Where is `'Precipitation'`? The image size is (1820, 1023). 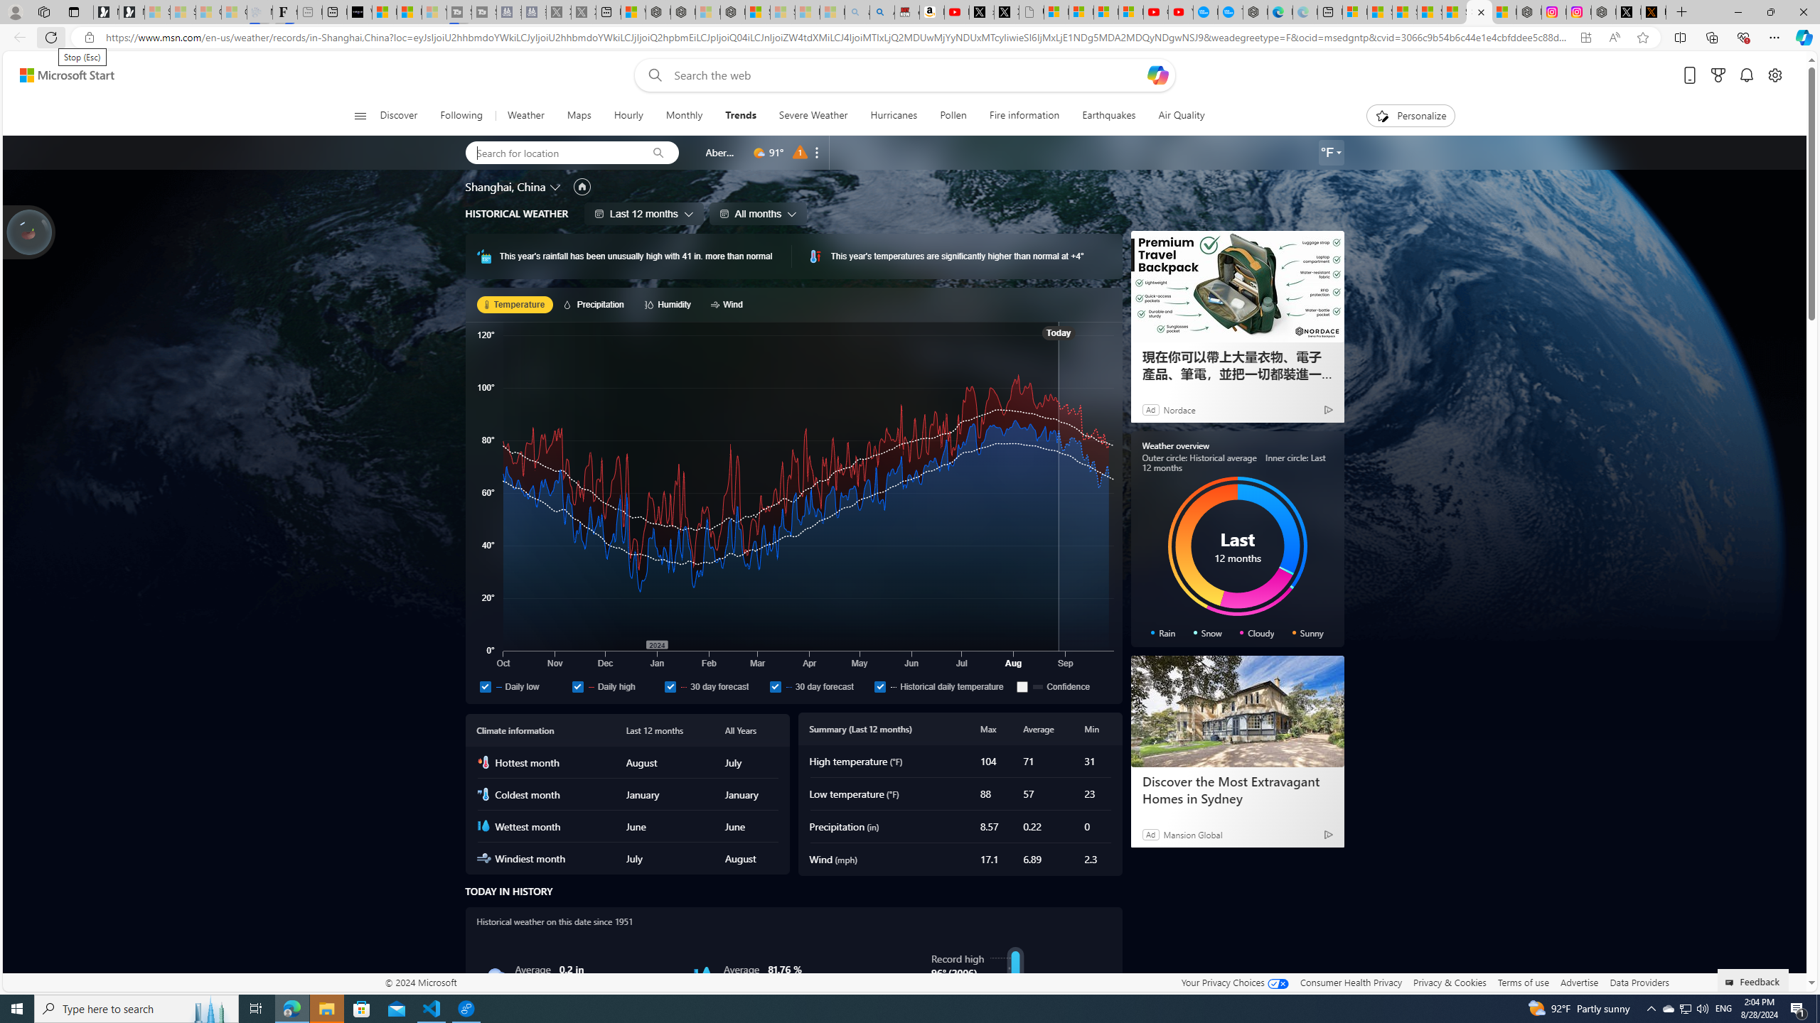
'Precipitation' is located at coordinates (595, 304).